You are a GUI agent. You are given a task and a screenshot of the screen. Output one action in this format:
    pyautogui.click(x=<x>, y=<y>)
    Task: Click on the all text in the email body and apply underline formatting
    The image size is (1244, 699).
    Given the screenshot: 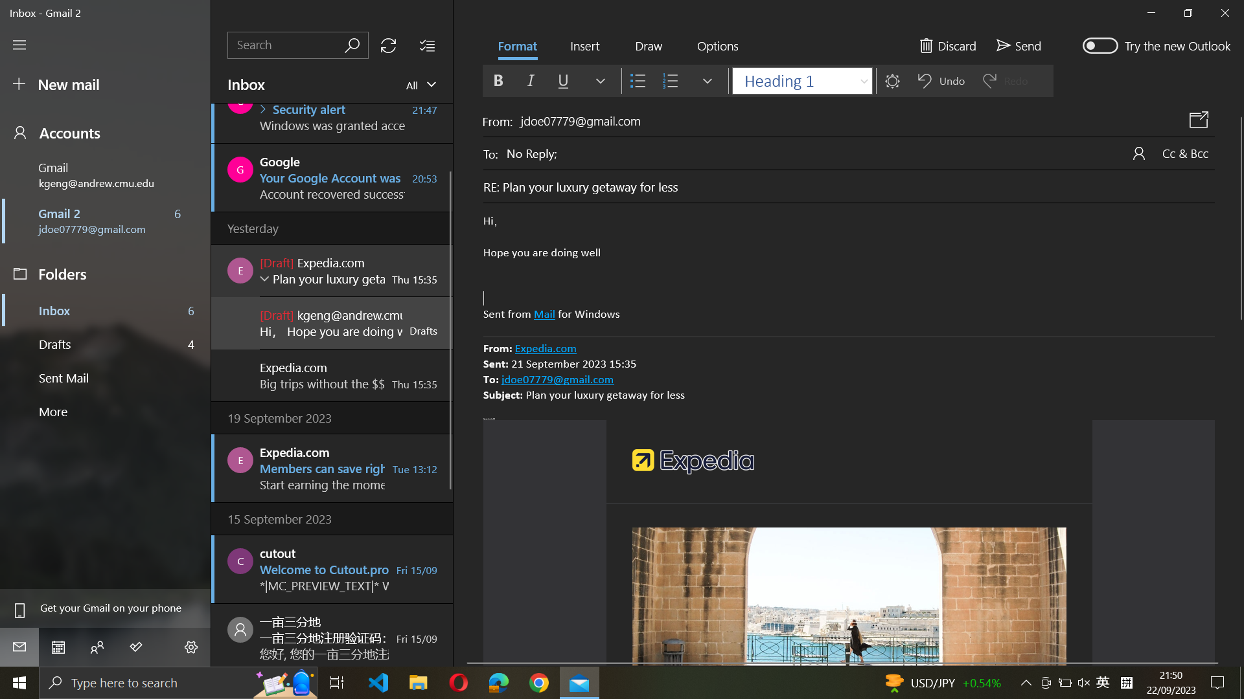 What is the action you would take?
    pyautogui.click(x=849, y=268)
    